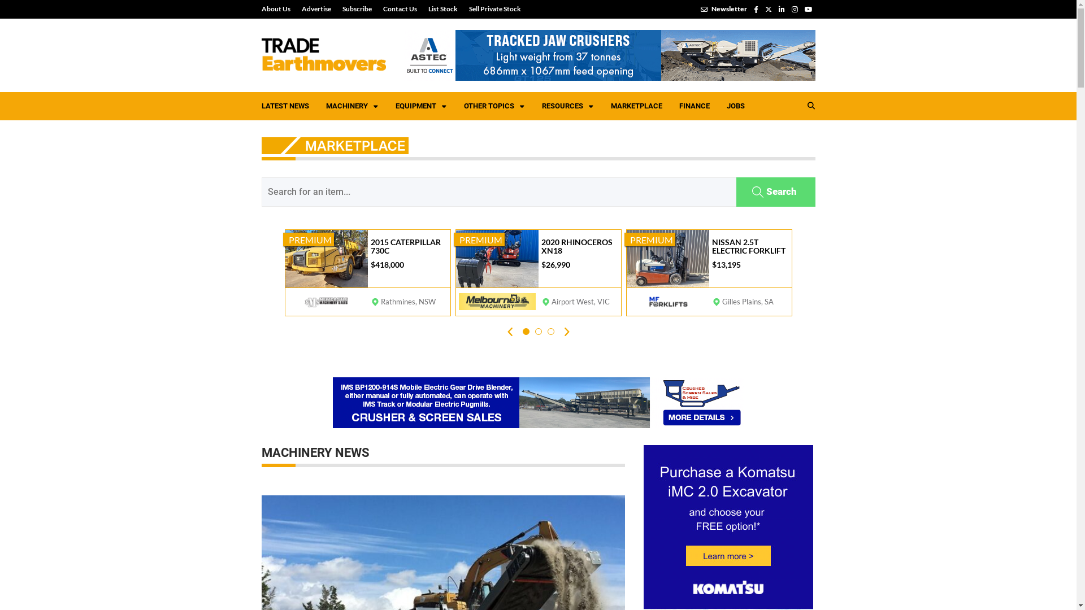 The height and width of the screenshot is (610, 1085). Describe the element at coordinates (422, 8) in the screenshot. I see `'List Stock'` at that location.